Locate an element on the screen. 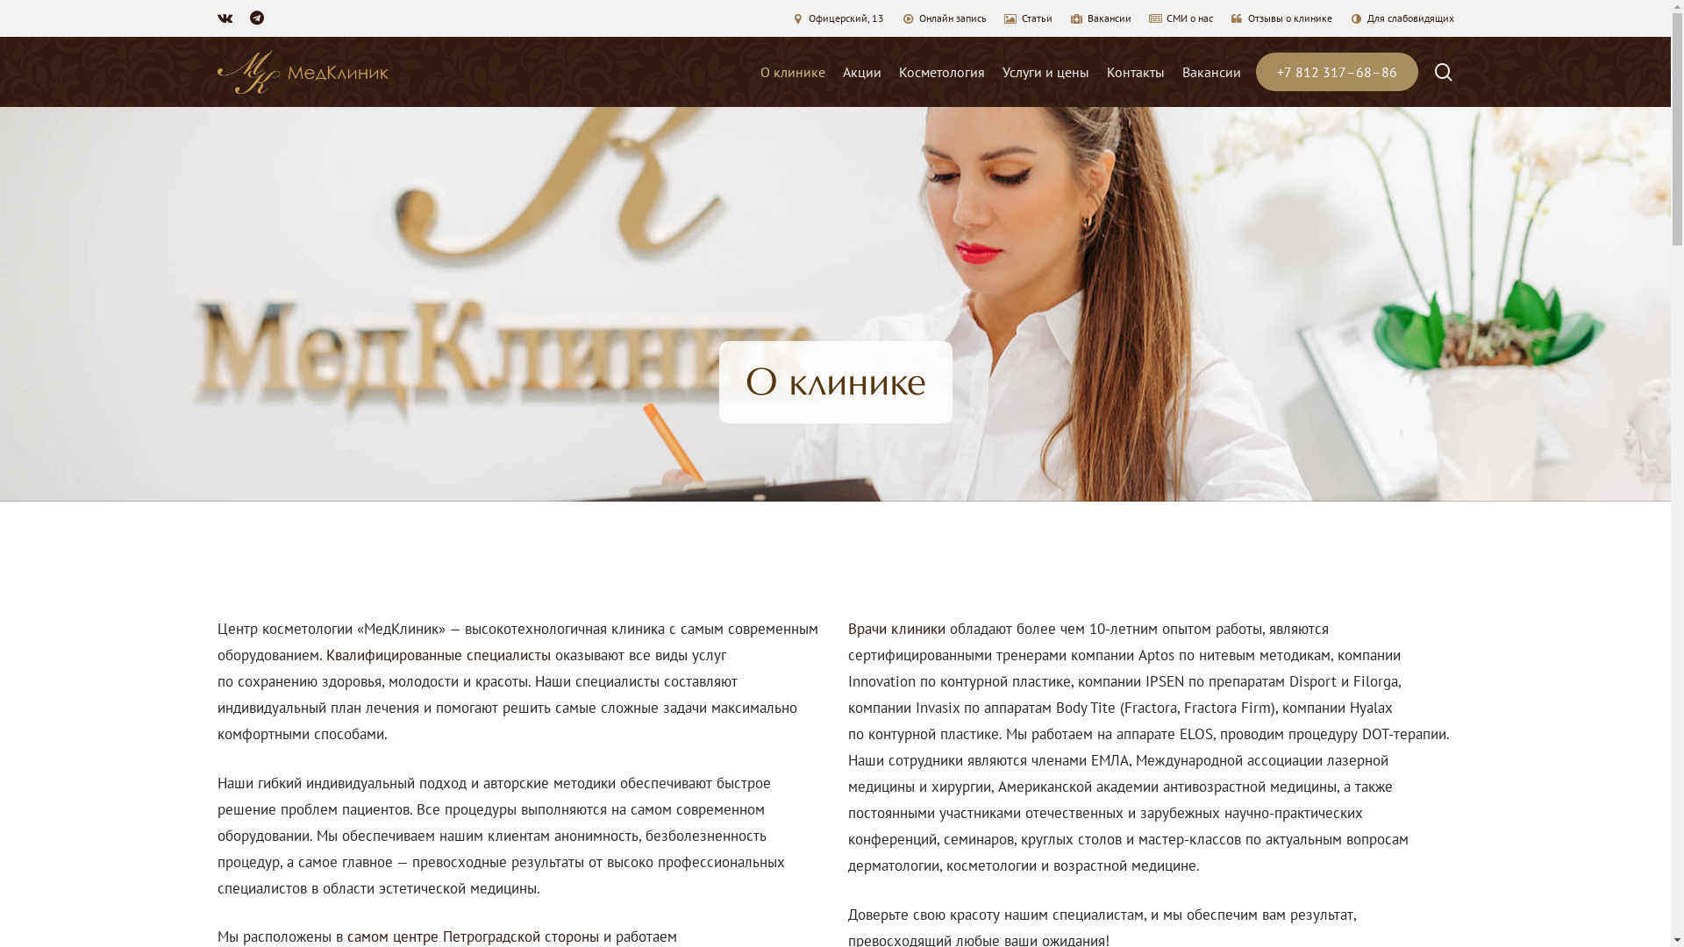  'telegram' is located at coordinates (255, 18).